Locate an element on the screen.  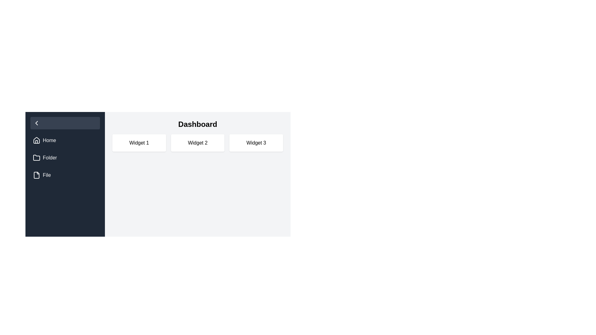
the left-pointing chevron icon located within a dark gray rectangular button at the top of the sidebar navigation menu is located at coordinates (36, 123).